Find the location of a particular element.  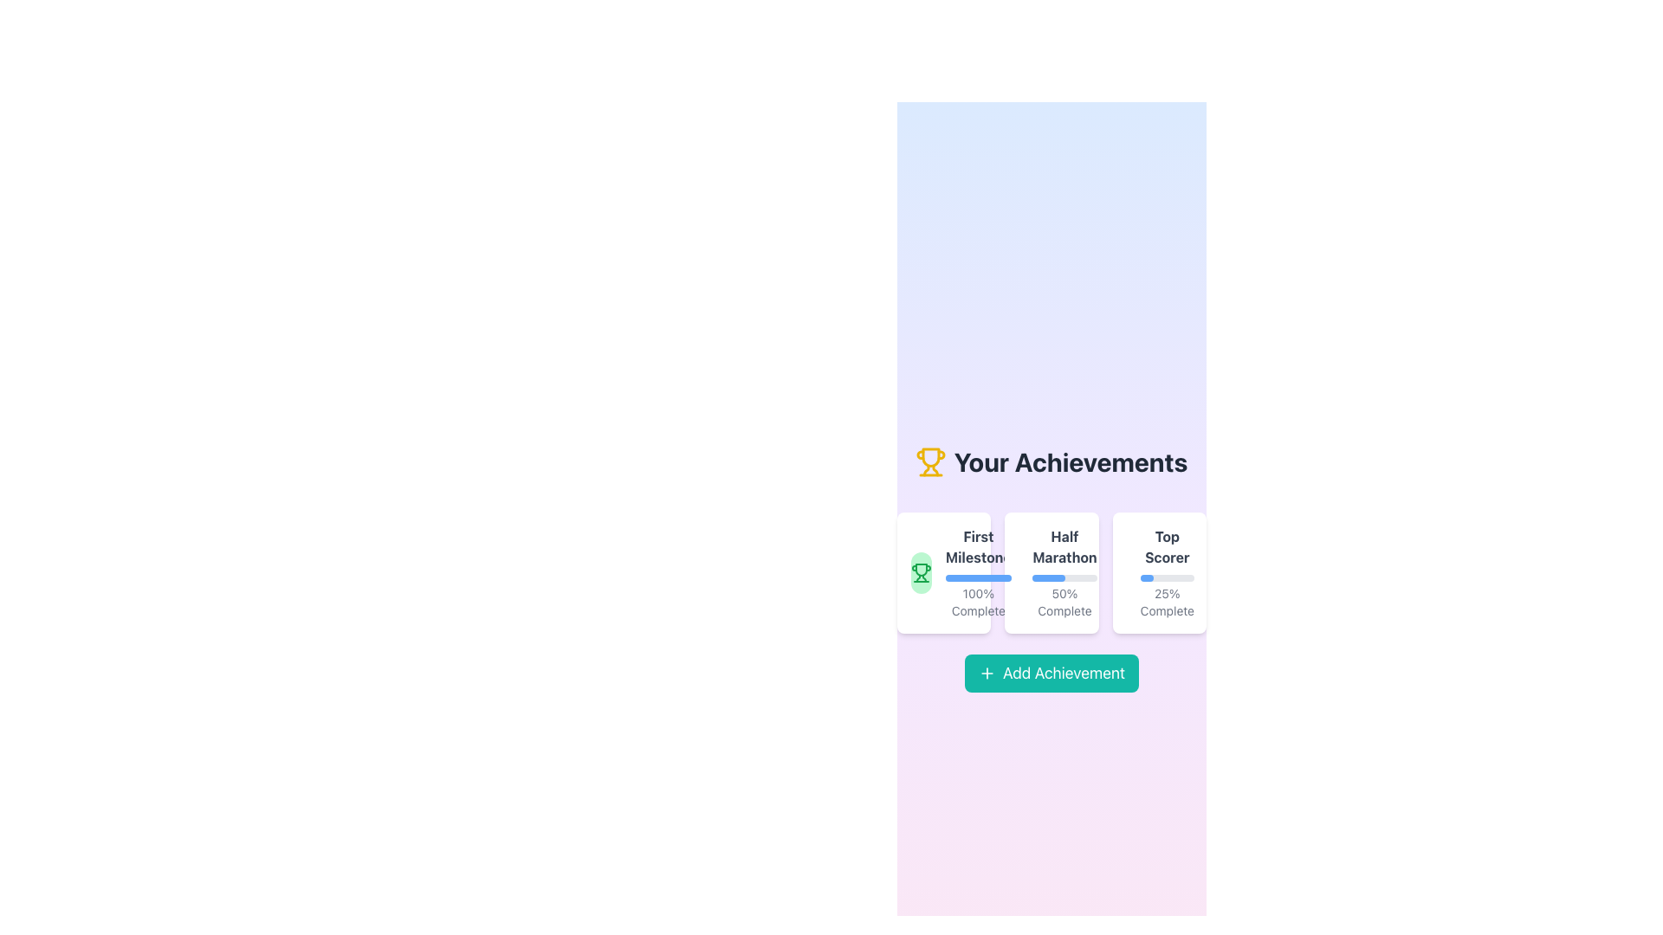

the card within the central grid layout beneath the header 'Your Achievements' is located at coordinates (1051, 573).